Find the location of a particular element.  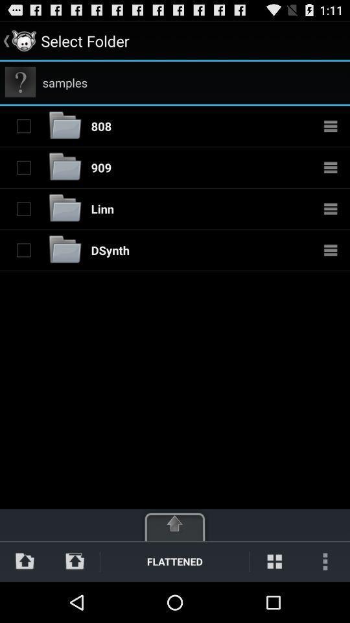

the folder is located at coordinates (23, 249).